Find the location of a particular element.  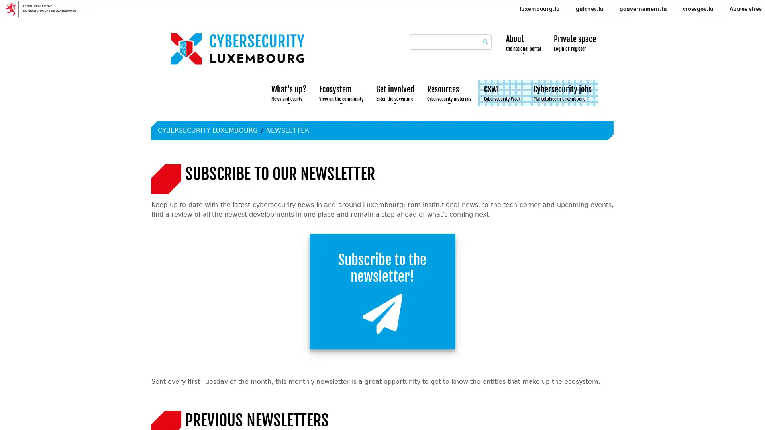

CYBERSECURITY LUXEMBOURG is located at coordinates (208, 130).